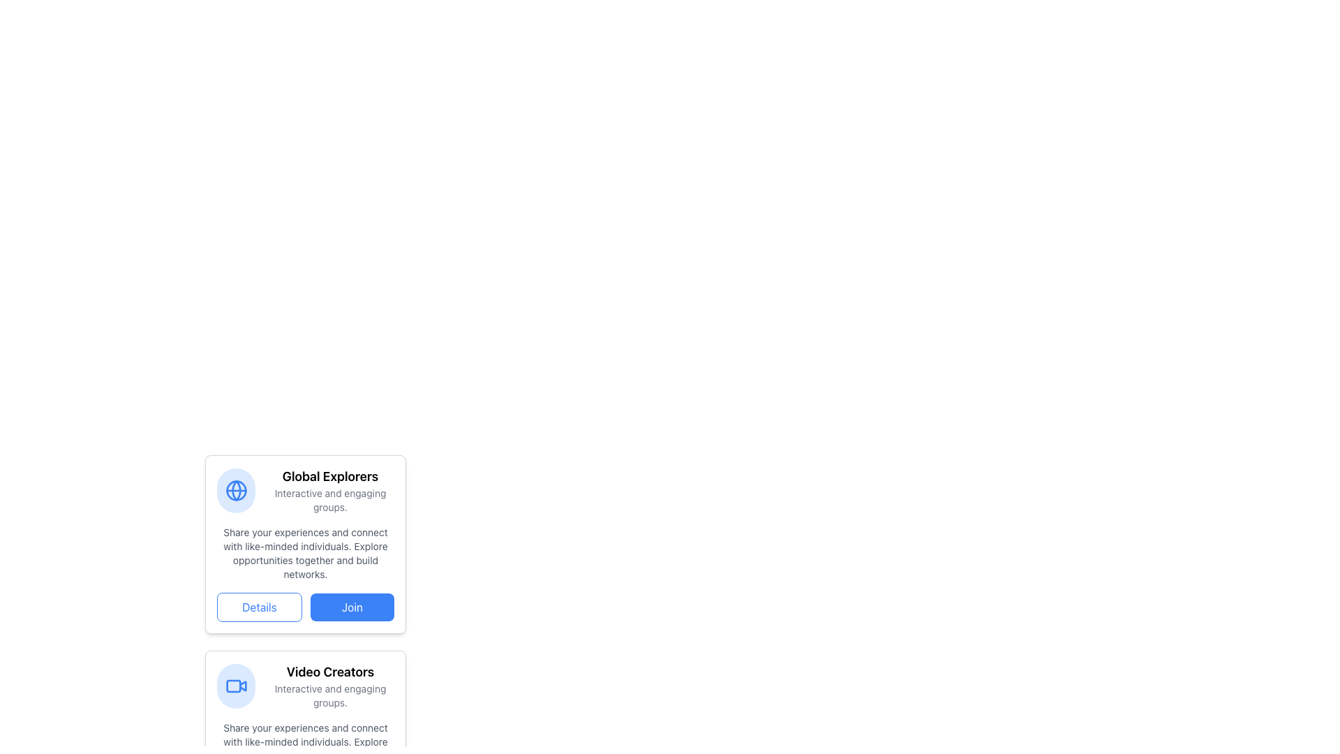 The height and width of the screenshot is (754, 1340). What do you see at coordinates (236, 686) in the screenshot?
I see `the video media icon located to the left of the text 'Video Creators' and 'Interactive and engaging groups.'` at bounding box center [236, 686].